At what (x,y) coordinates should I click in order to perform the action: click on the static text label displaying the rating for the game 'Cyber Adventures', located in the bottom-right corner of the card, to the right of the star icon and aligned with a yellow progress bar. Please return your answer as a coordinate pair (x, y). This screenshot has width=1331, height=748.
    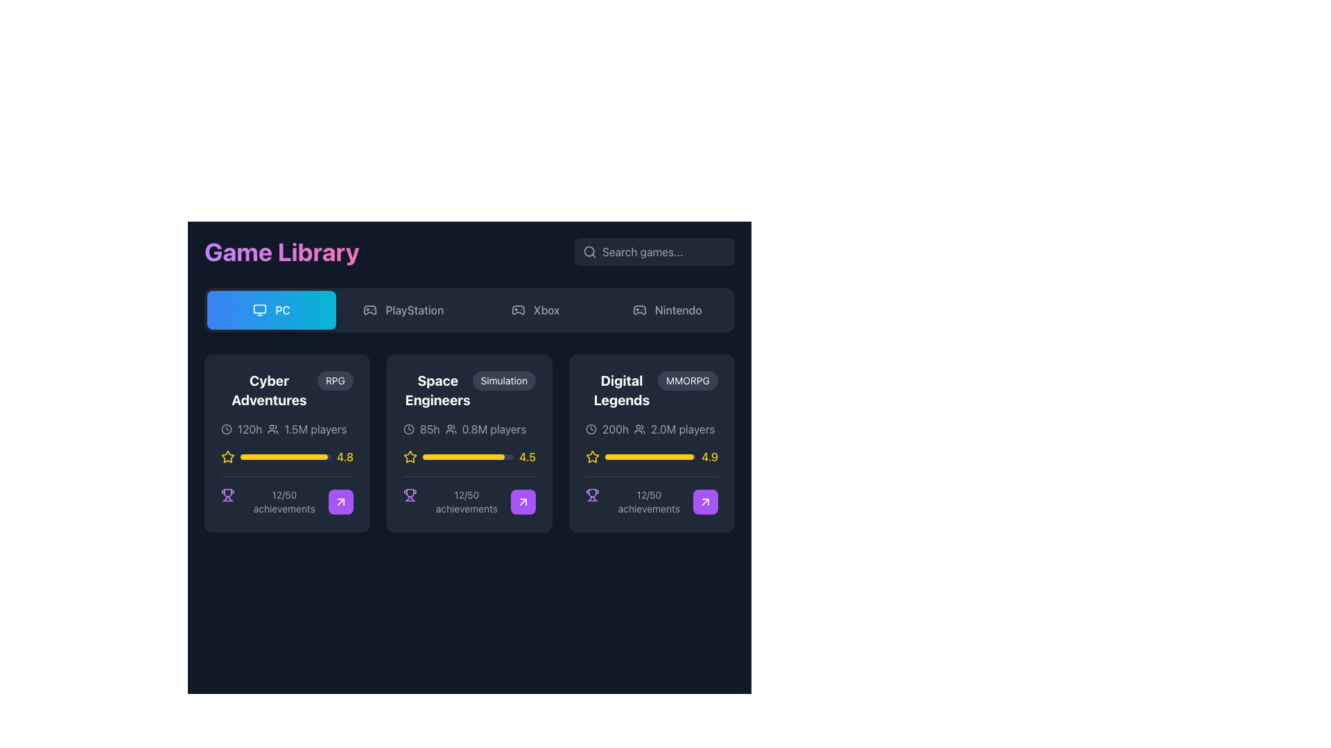
    Looking at the image, I should click on (345, 456).